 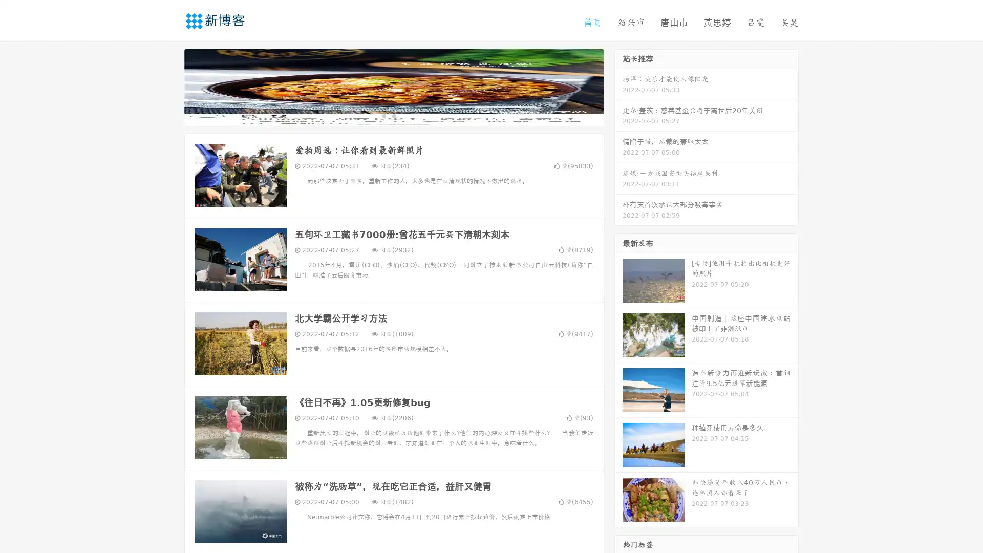 I want to click on Previous slide, so click(x=169, y=86).